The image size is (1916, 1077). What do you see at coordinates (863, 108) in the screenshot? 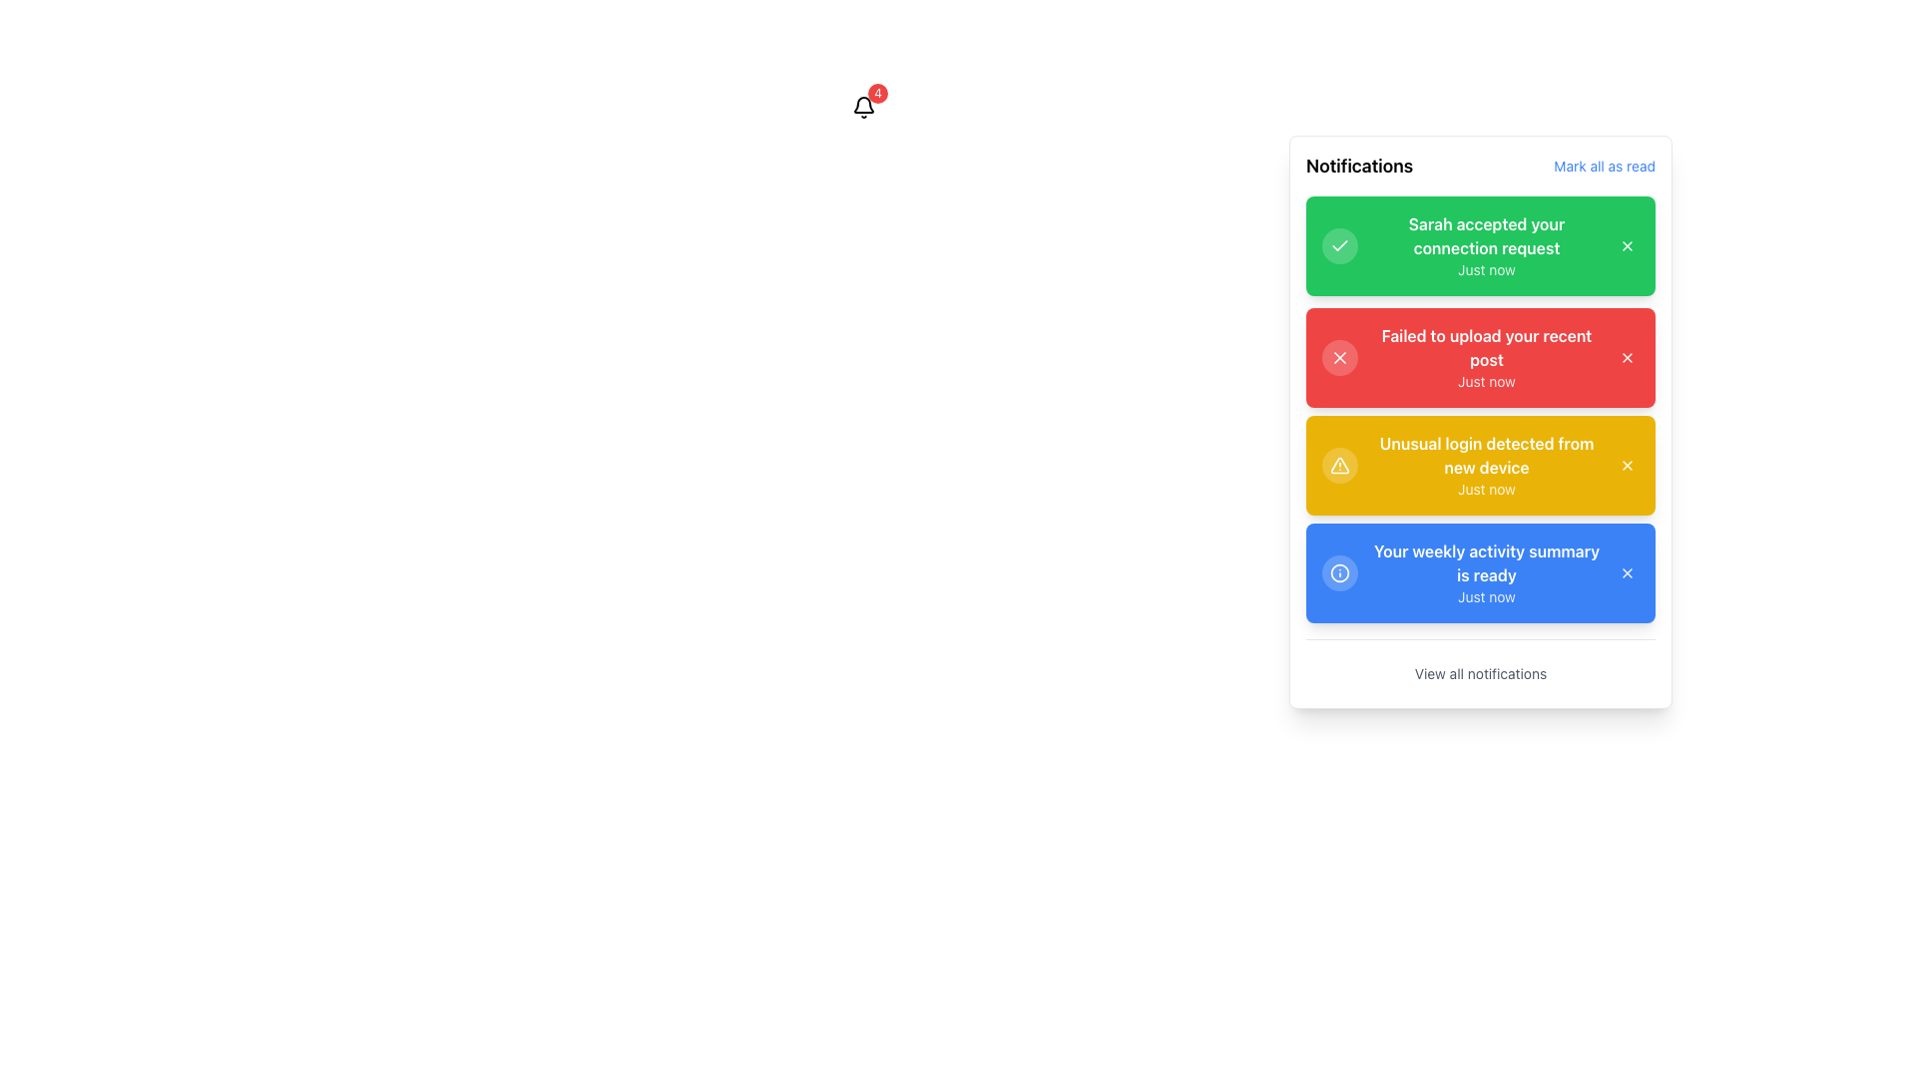
I see `the interactive notification bell icon with a red badge displaying '4'` at bounding box center [863, 108].